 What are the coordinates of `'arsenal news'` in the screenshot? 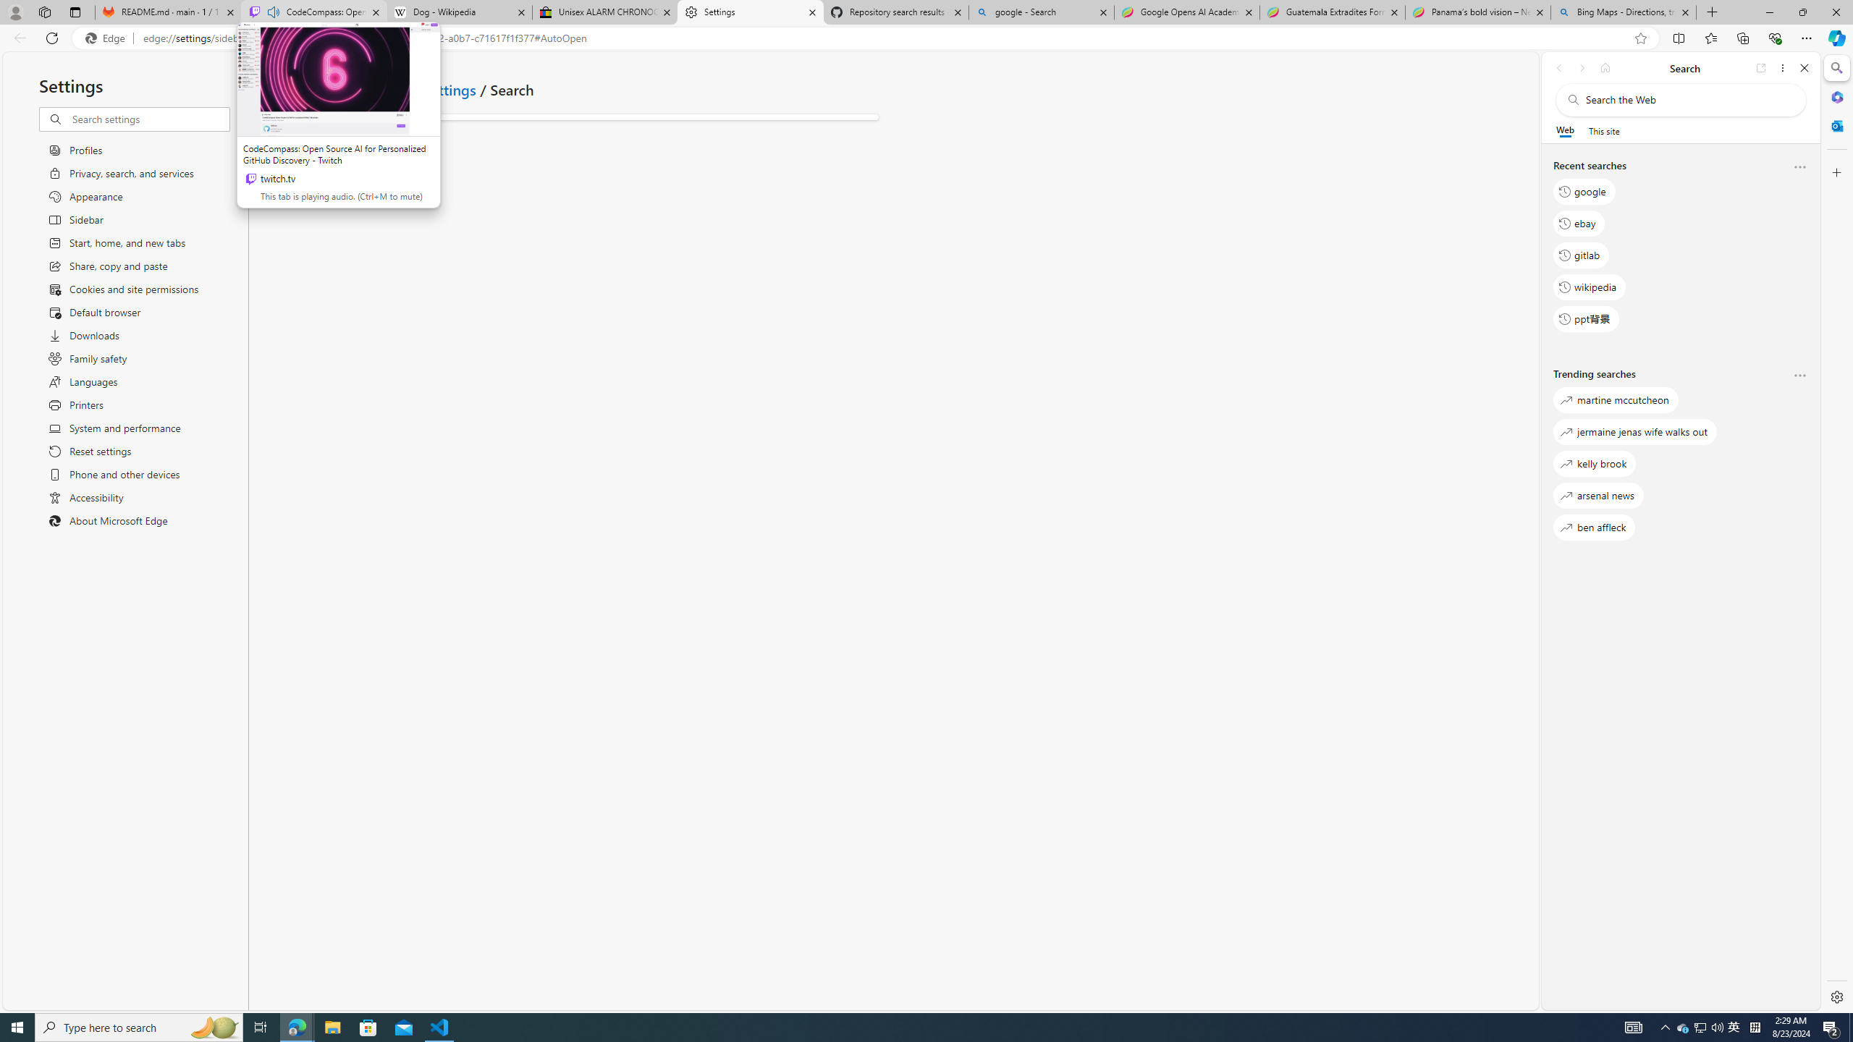 It's located at (1598, 494).